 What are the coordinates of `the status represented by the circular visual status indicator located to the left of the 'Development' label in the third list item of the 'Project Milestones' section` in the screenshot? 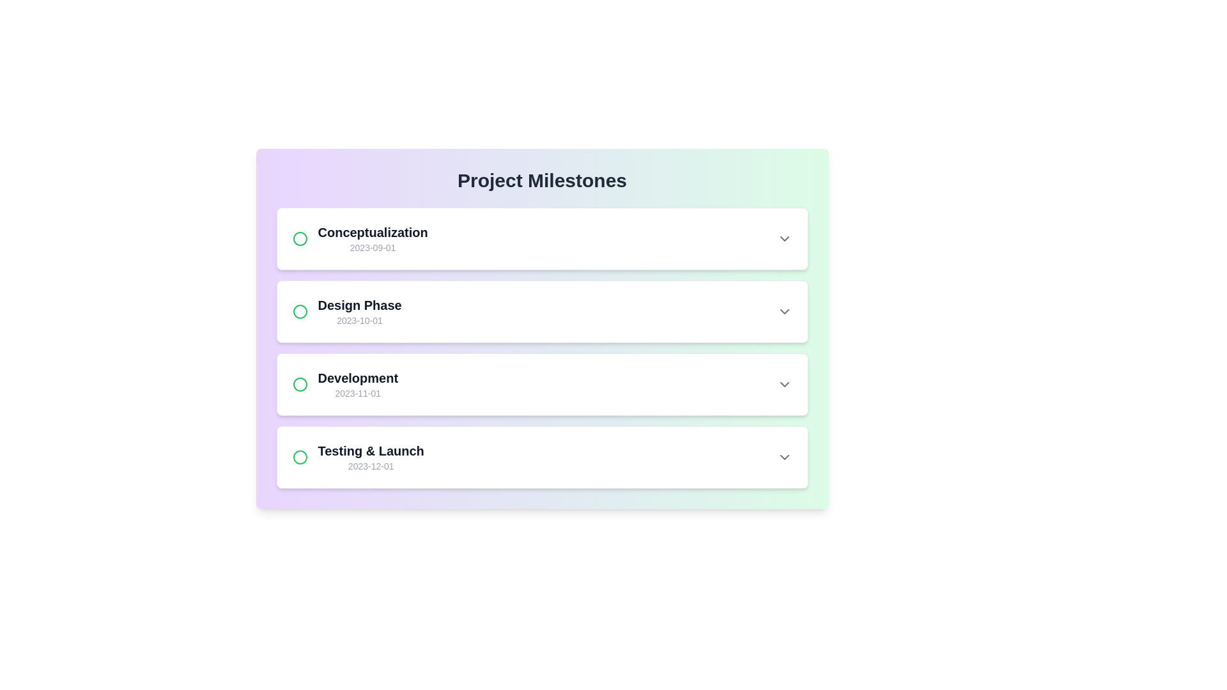 It's located at (299, 383).